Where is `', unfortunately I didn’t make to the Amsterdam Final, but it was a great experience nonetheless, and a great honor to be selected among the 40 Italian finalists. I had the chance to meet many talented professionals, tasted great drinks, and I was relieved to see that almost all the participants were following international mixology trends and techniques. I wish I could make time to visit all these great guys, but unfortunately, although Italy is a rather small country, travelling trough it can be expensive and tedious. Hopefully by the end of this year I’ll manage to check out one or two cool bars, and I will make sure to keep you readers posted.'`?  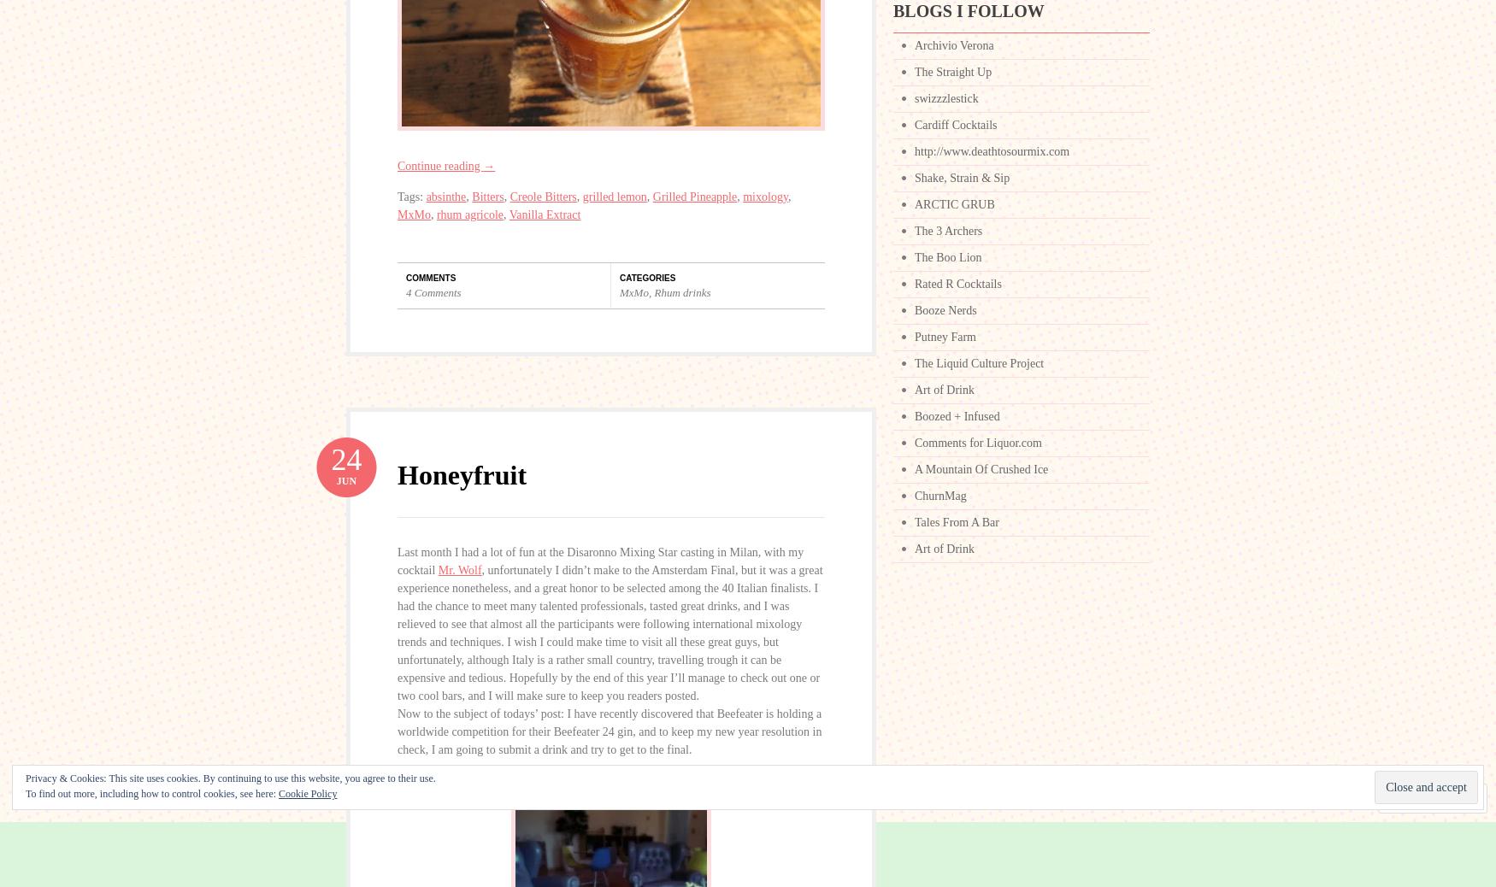 ', unfortunately I didn’t make to the Amsterdam Final, but it was a great experience nonetheless, and a great honor to be selected among the 40 Italian finalists. I had the chance to meet many talented professionals, tasted great drinks, and I was relieved to see that almost all the participants were following international mixology trends and techniques. I wish I could make time to visit all these great guys, but unfortunately, although Italy is a rather small country, travelling trough it can be expensive and tedious. Hopefully by the end of this year I’ll manage to check out one or two cool bars, and I will make sure to keep you readers posted.' is located at coordinates (610, 631).